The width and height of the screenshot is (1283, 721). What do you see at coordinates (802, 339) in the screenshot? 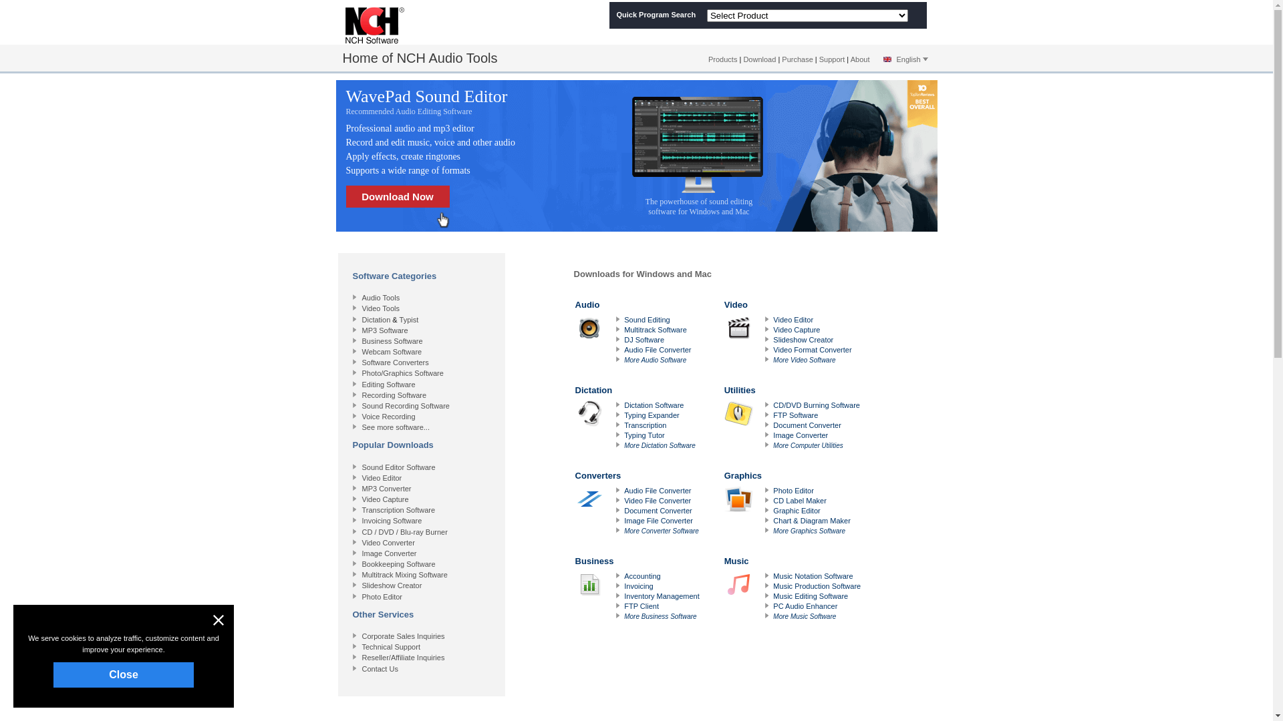
I see `'Slideshow Creator'` at bounding box center [802, 339].